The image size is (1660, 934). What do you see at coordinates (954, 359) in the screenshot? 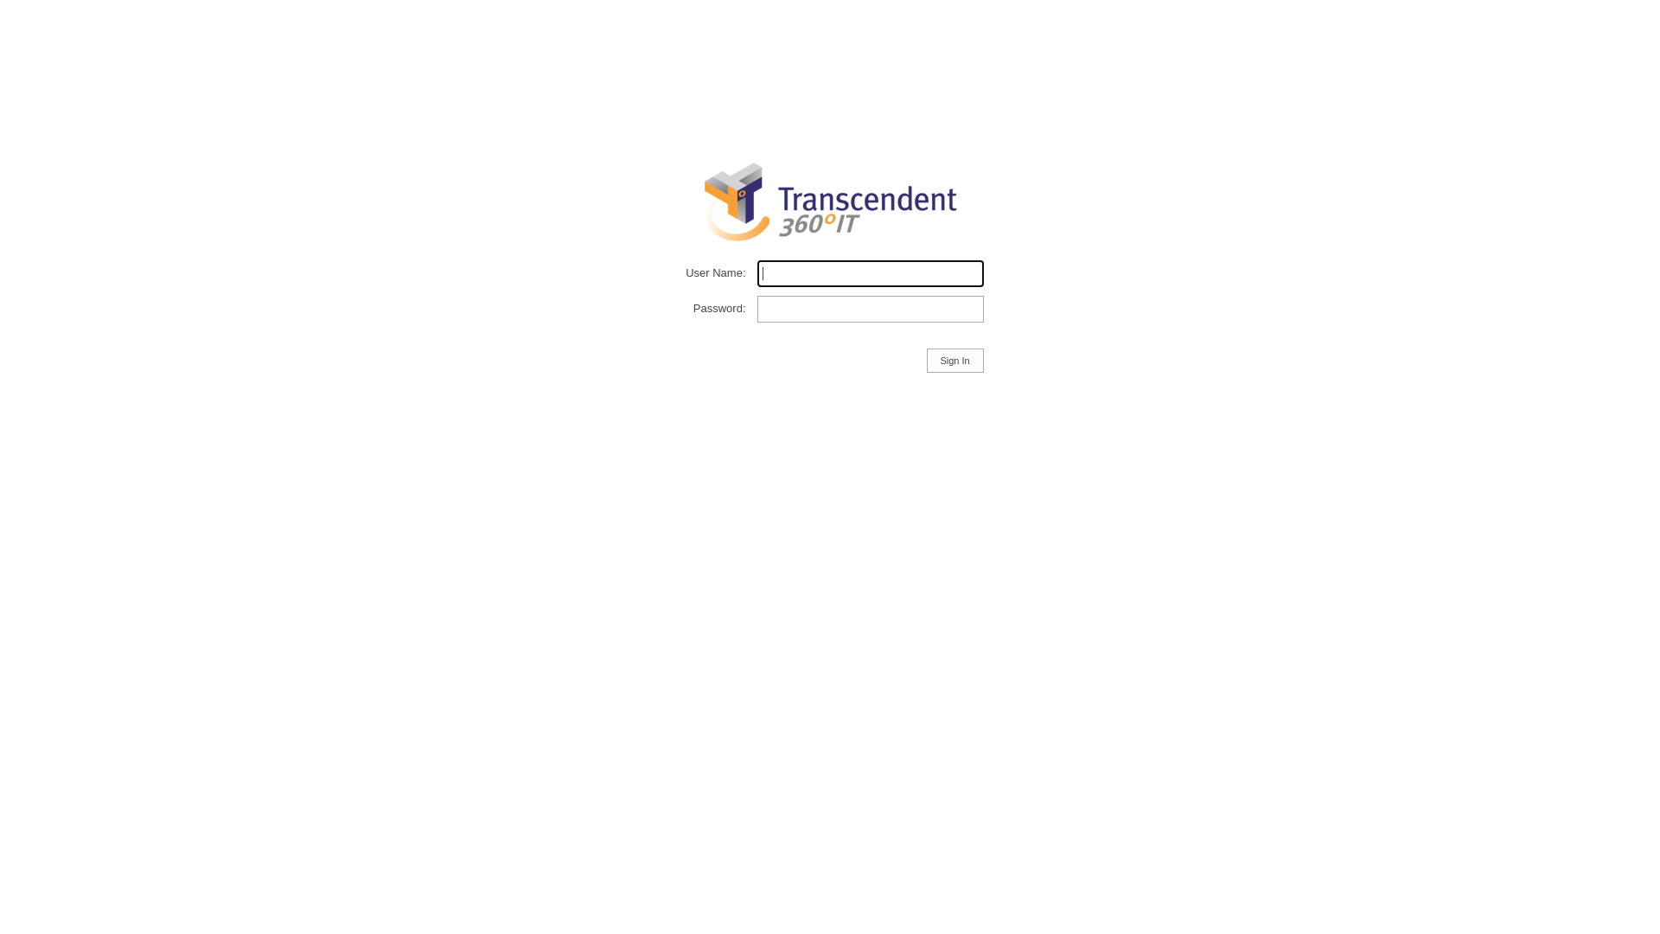
I see `'Sign In'` at bounding box center [954, 359].